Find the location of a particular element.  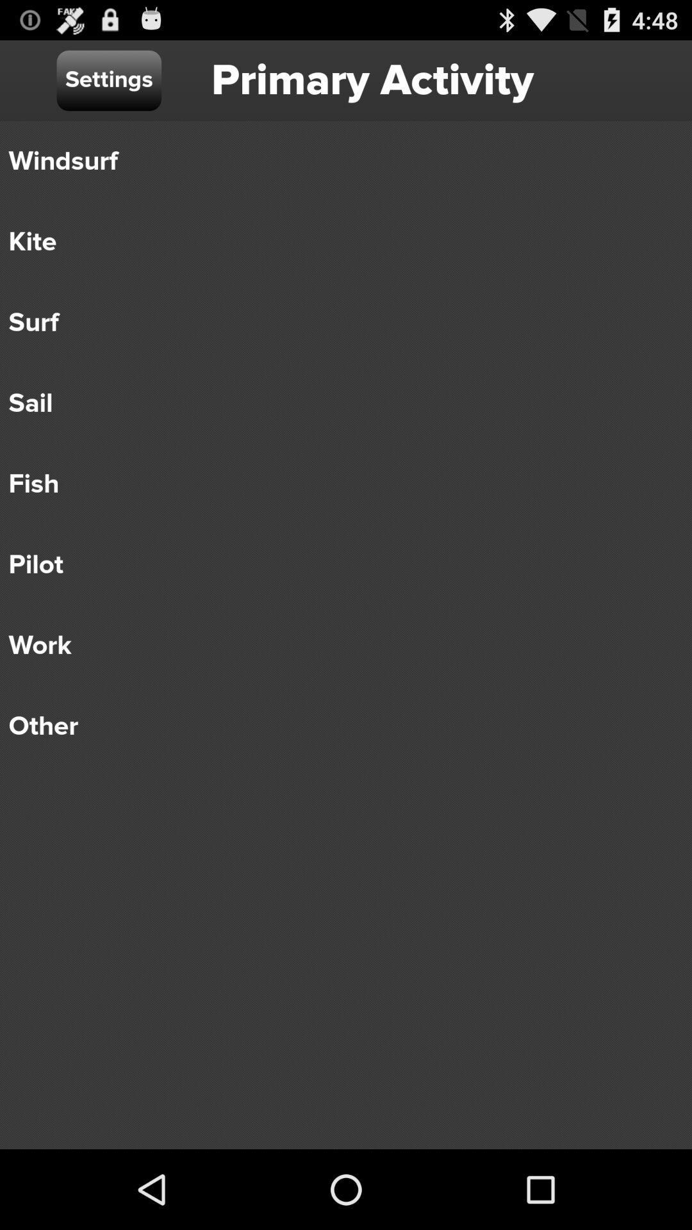

item below the windsurf item is located at coordinates (336, 242).